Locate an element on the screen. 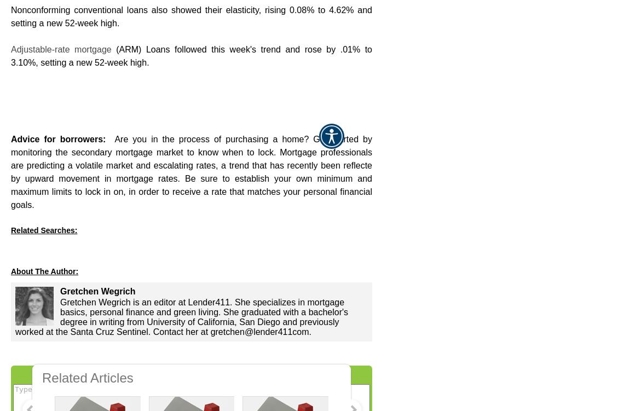 This screenshot has width=624, height=411. 'Advice for borrowers:' is located at coordinates (10, 138).